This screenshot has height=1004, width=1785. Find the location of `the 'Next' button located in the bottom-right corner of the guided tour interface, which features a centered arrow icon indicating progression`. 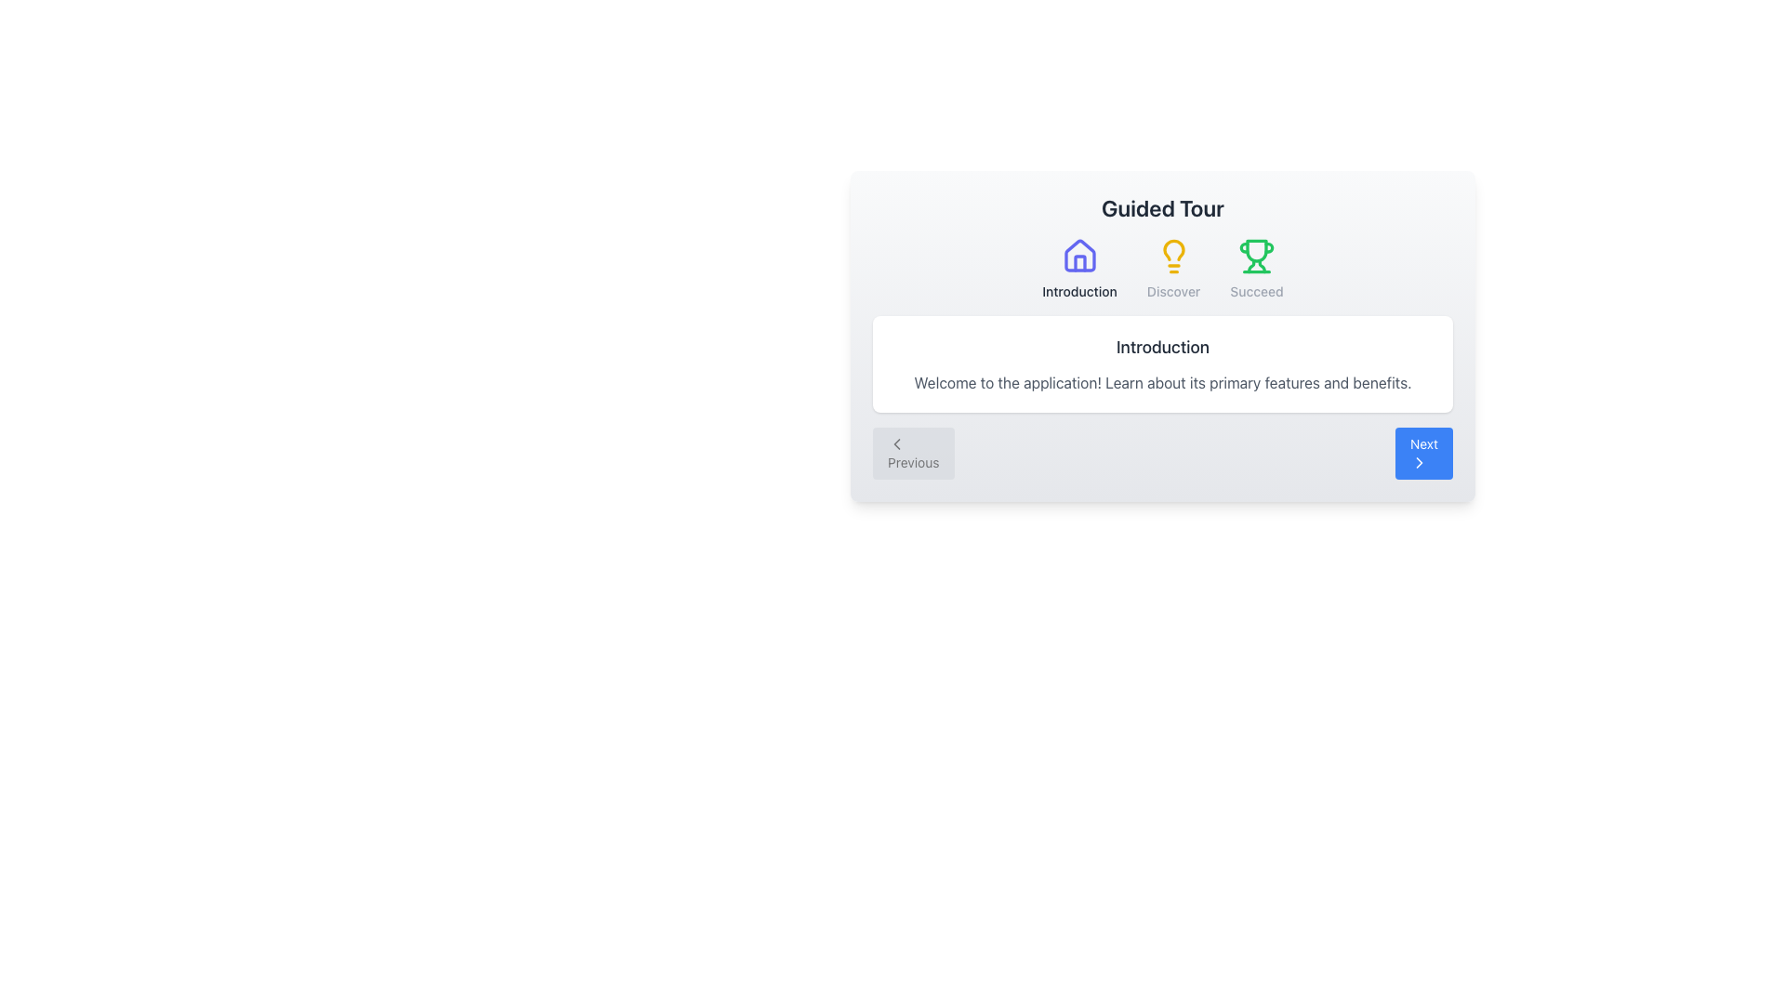

the 'Next' button located in the bottom-right corner of the guided tour interface, which features a centered arrow icon indicating progression is located at coordinates (1418, 461).